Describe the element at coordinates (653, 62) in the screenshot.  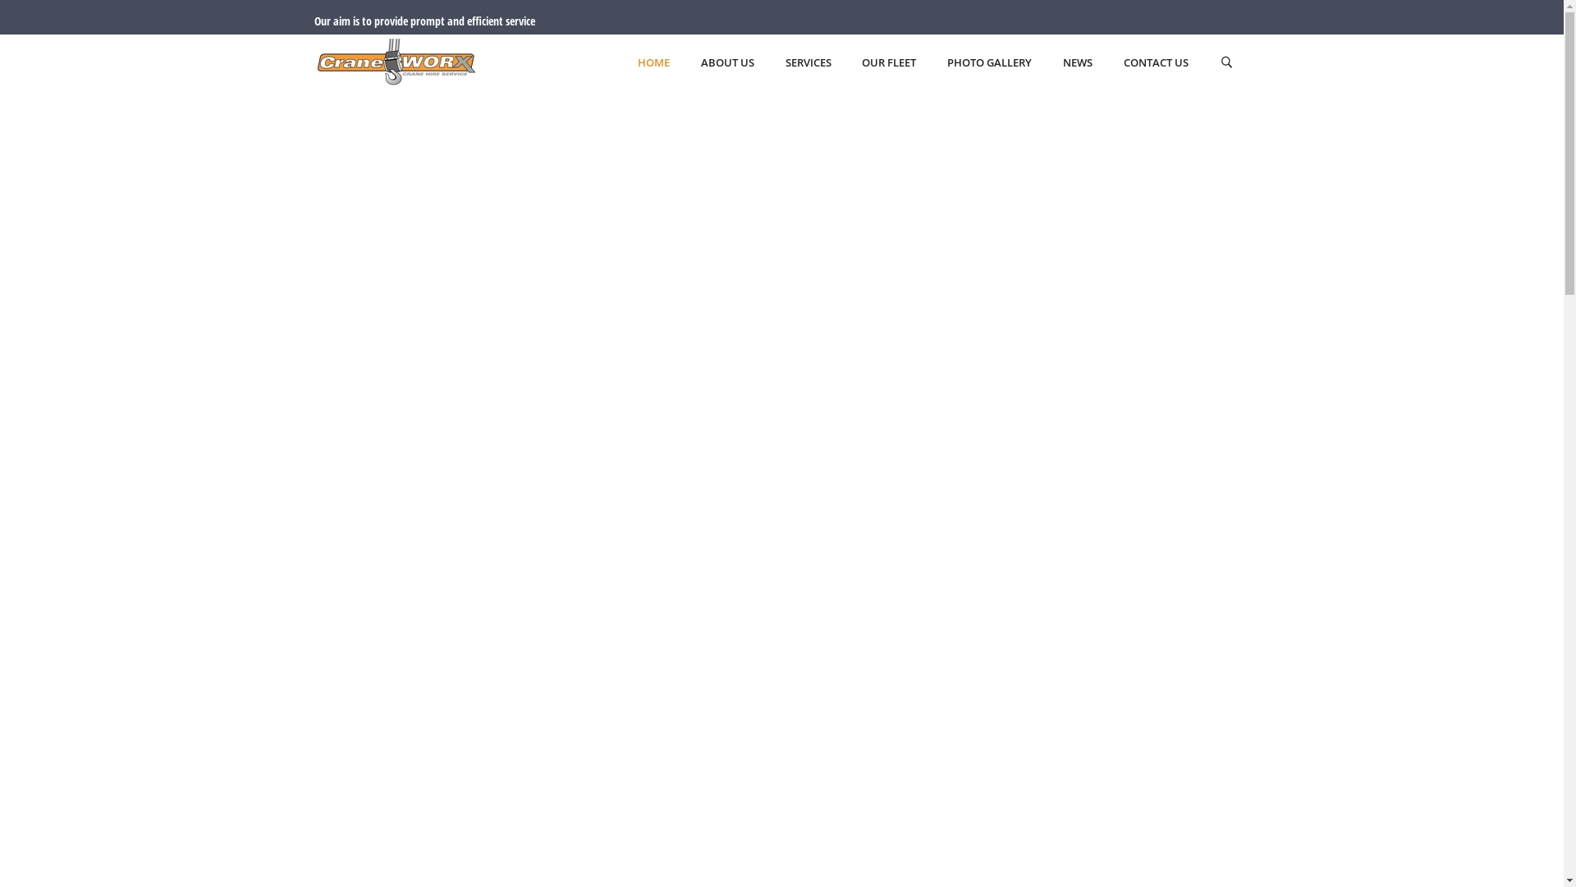
I see `'HOME'` at that location.